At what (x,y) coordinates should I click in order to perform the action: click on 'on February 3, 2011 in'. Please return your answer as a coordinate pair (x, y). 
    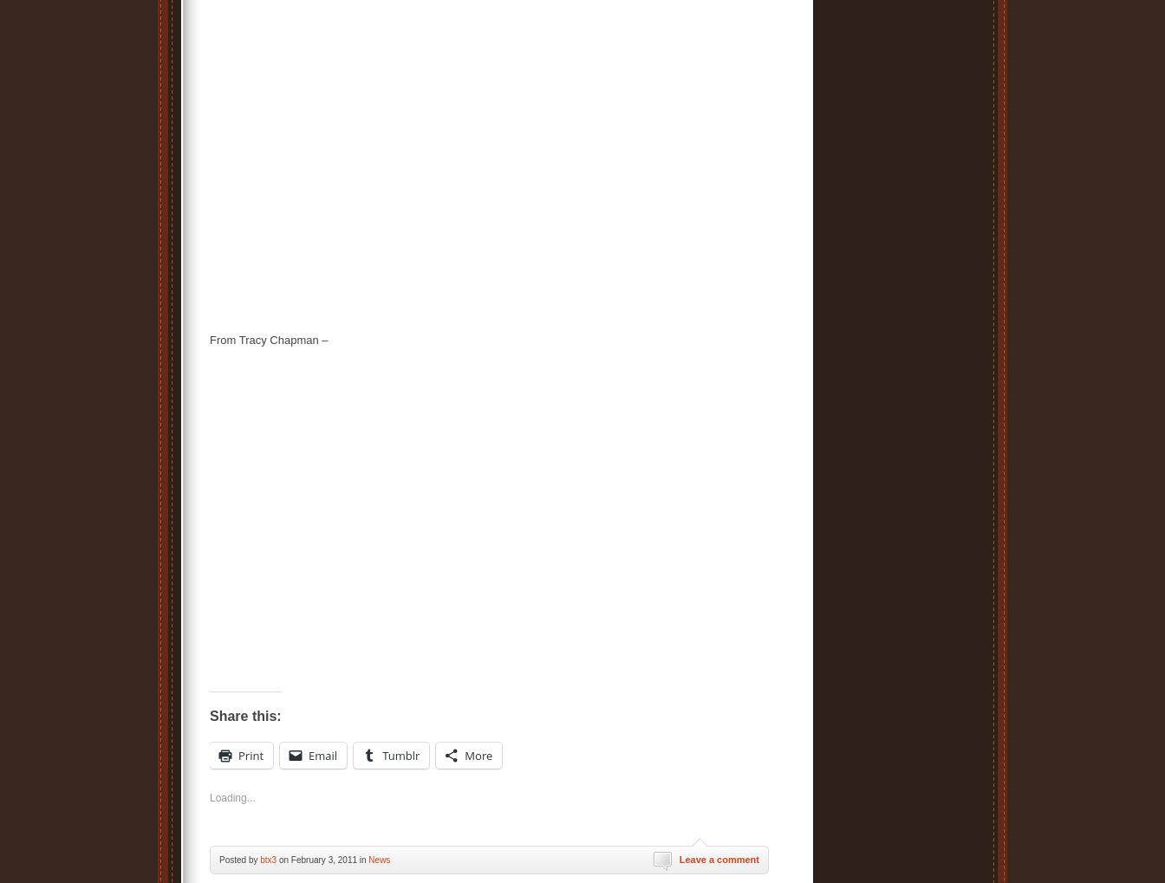
    Looking at the image, I should click on (277, 860).